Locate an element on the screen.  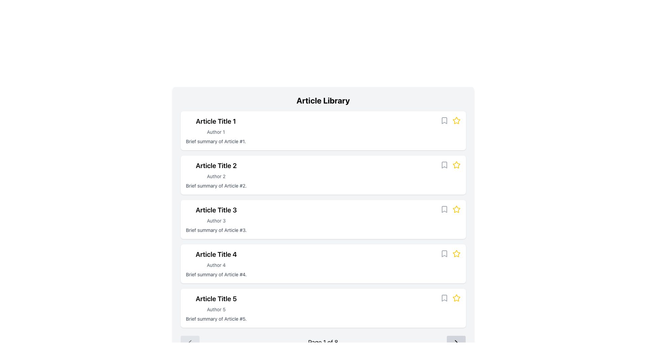
the yellow star-shaped icon located in the header section of the article card is located at coordinates (456, 209).